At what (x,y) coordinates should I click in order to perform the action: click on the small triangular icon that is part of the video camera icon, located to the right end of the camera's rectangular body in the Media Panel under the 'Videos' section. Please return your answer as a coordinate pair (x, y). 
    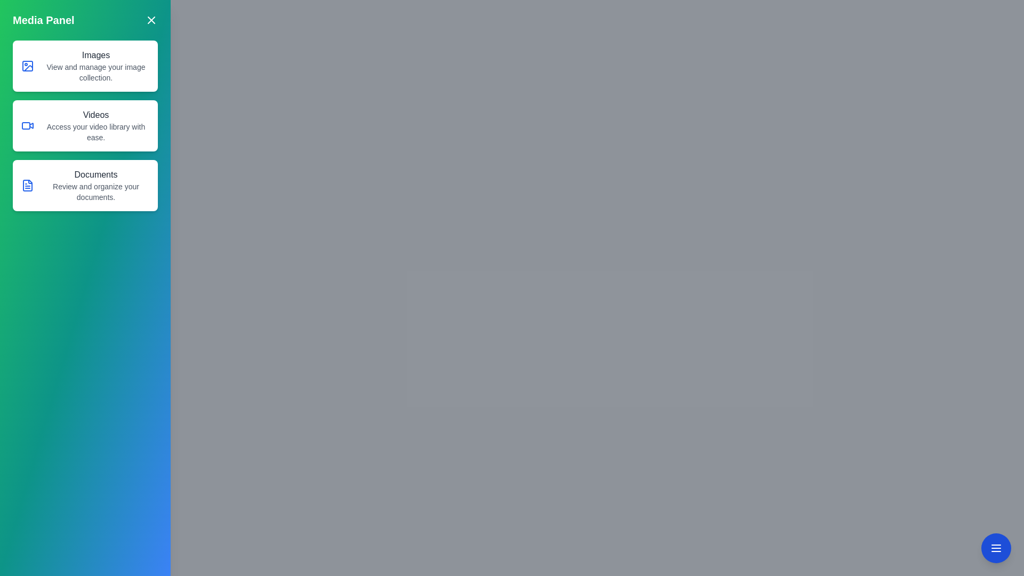
    Looking at the image, I should click on (31, 125).